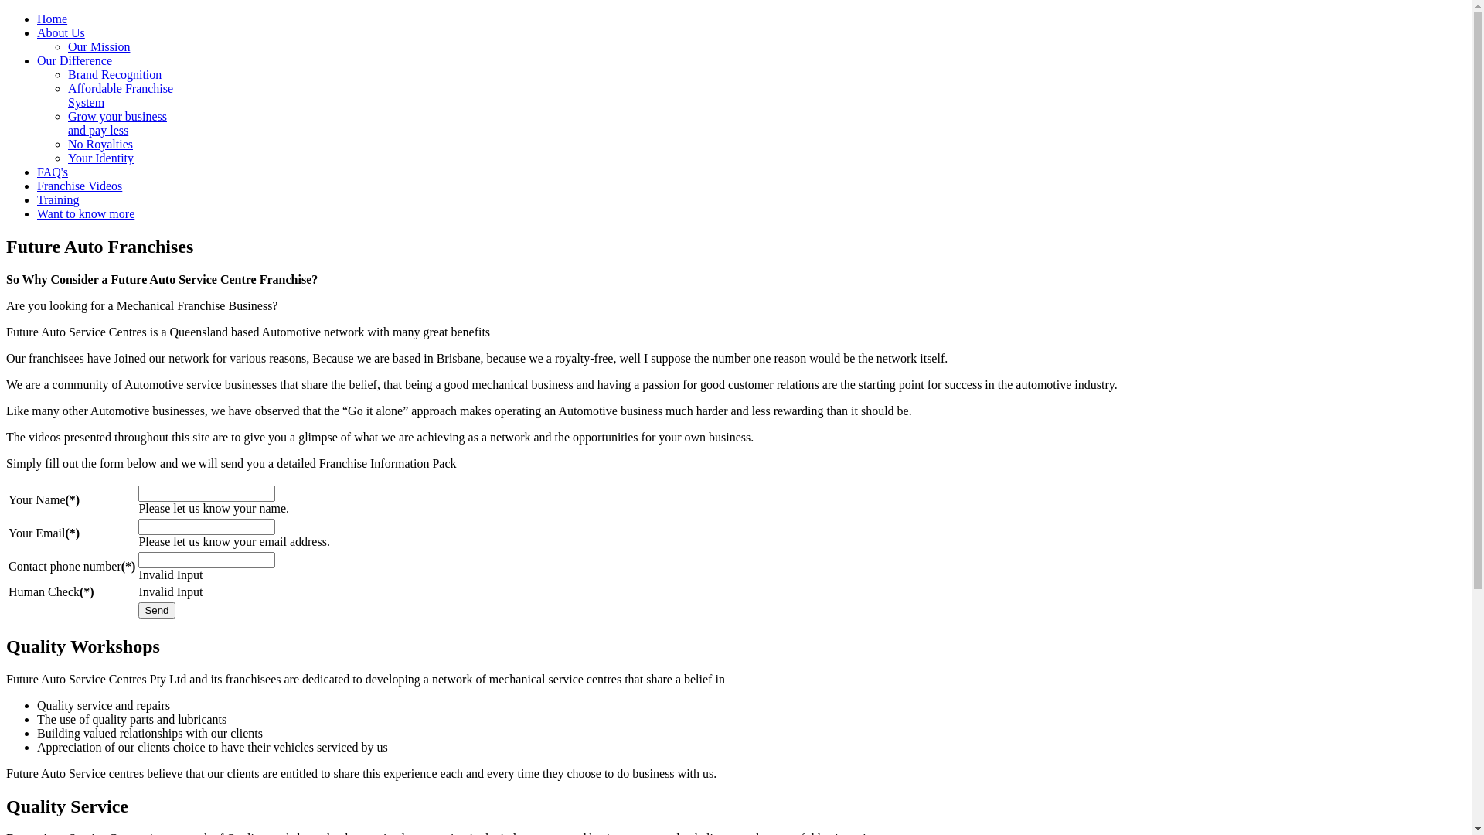 This screenshot has height=835, width=1484. I want to click on 'Send', so click(156, 609).